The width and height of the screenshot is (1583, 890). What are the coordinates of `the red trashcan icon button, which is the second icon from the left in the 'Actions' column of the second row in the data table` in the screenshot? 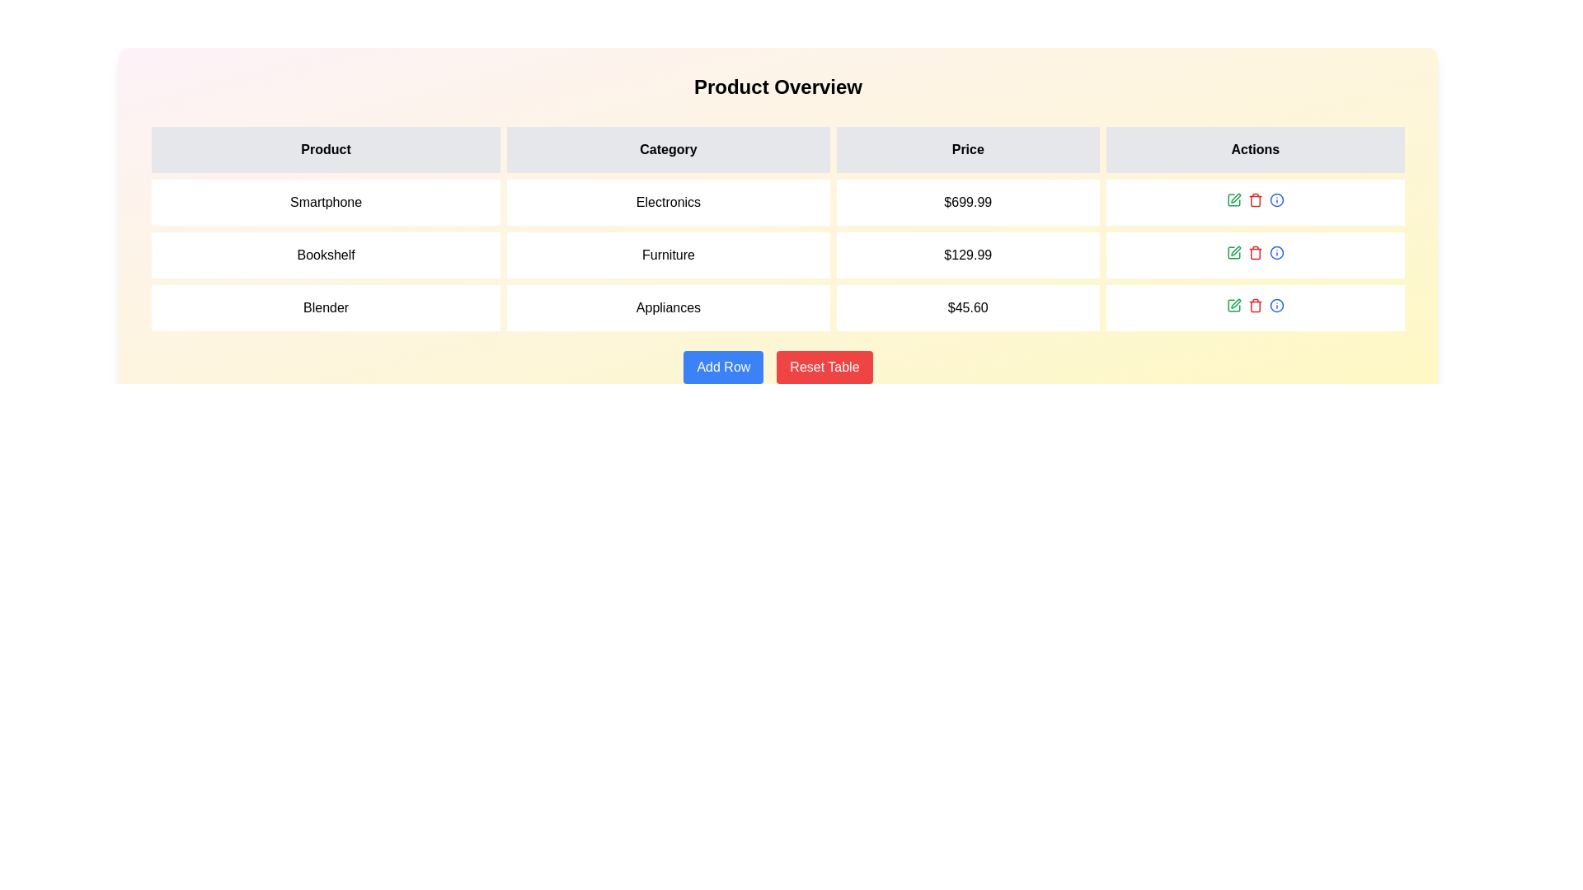 It's located at (1254, 253).